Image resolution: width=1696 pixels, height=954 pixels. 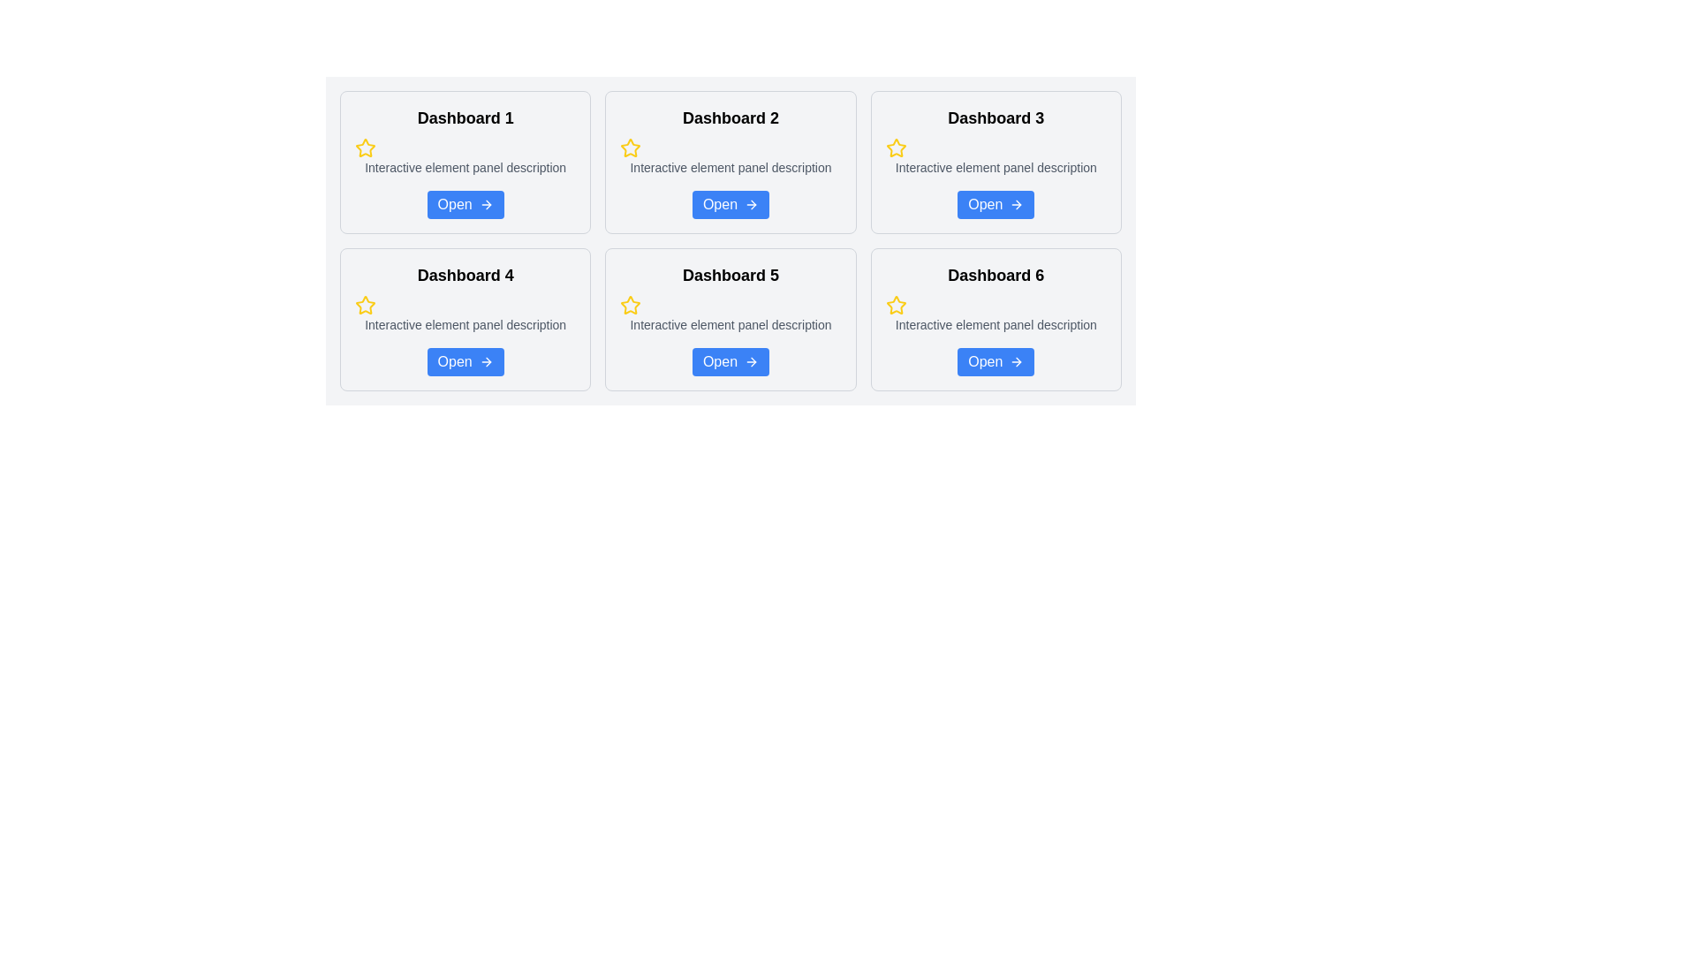 What do you see at coordinates (1017, 360) in the screenshot?
I see `the arrow icon located at the bottom-right section of the 'Dashboard 6' card` at bounding box center [1017, 360].